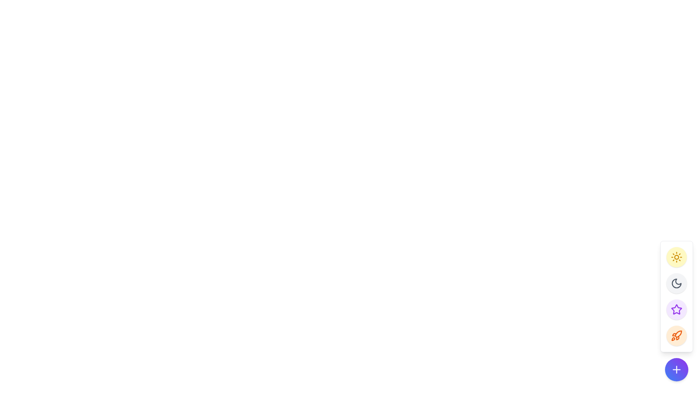 This screenshot has height=393, width=700. I want to click on the central circular part of the sun icon located within the right-side toolbar of the interface, so click(676, 257).